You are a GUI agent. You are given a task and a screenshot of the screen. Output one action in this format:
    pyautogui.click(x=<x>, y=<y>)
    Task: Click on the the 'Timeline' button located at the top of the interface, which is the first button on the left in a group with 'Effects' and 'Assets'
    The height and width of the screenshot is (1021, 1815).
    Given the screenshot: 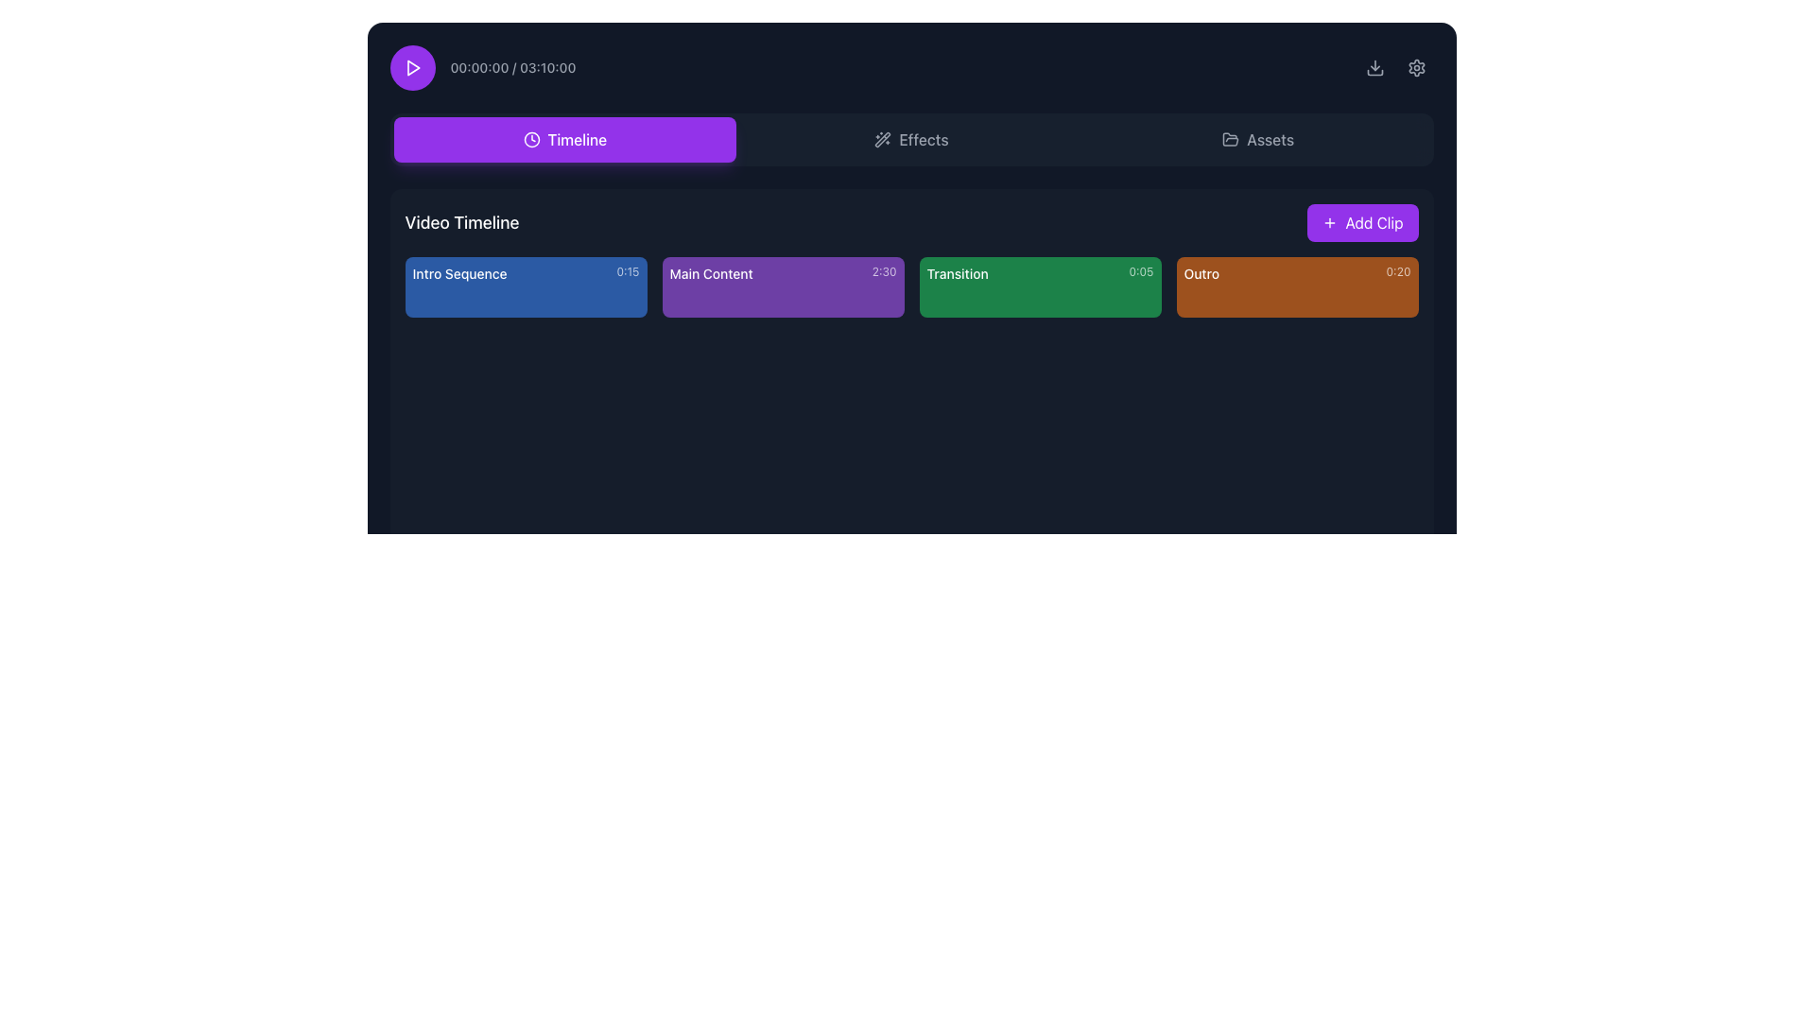 What is the action you would take?
    pyautogui.click(x=563, y=138)
    